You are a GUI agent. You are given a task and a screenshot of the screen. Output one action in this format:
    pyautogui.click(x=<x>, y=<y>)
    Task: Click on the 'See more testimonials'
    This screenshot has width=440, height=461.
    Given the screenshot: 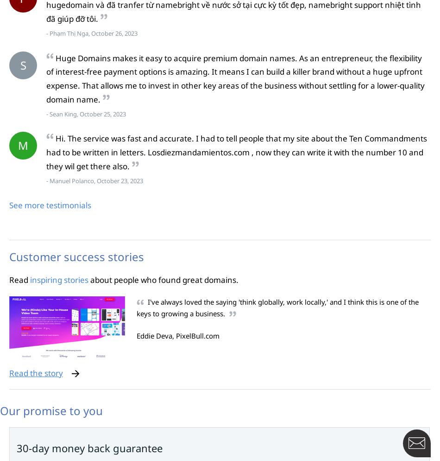 What is the action you would take?
    pyautogui.click(x=50, y=205)
    